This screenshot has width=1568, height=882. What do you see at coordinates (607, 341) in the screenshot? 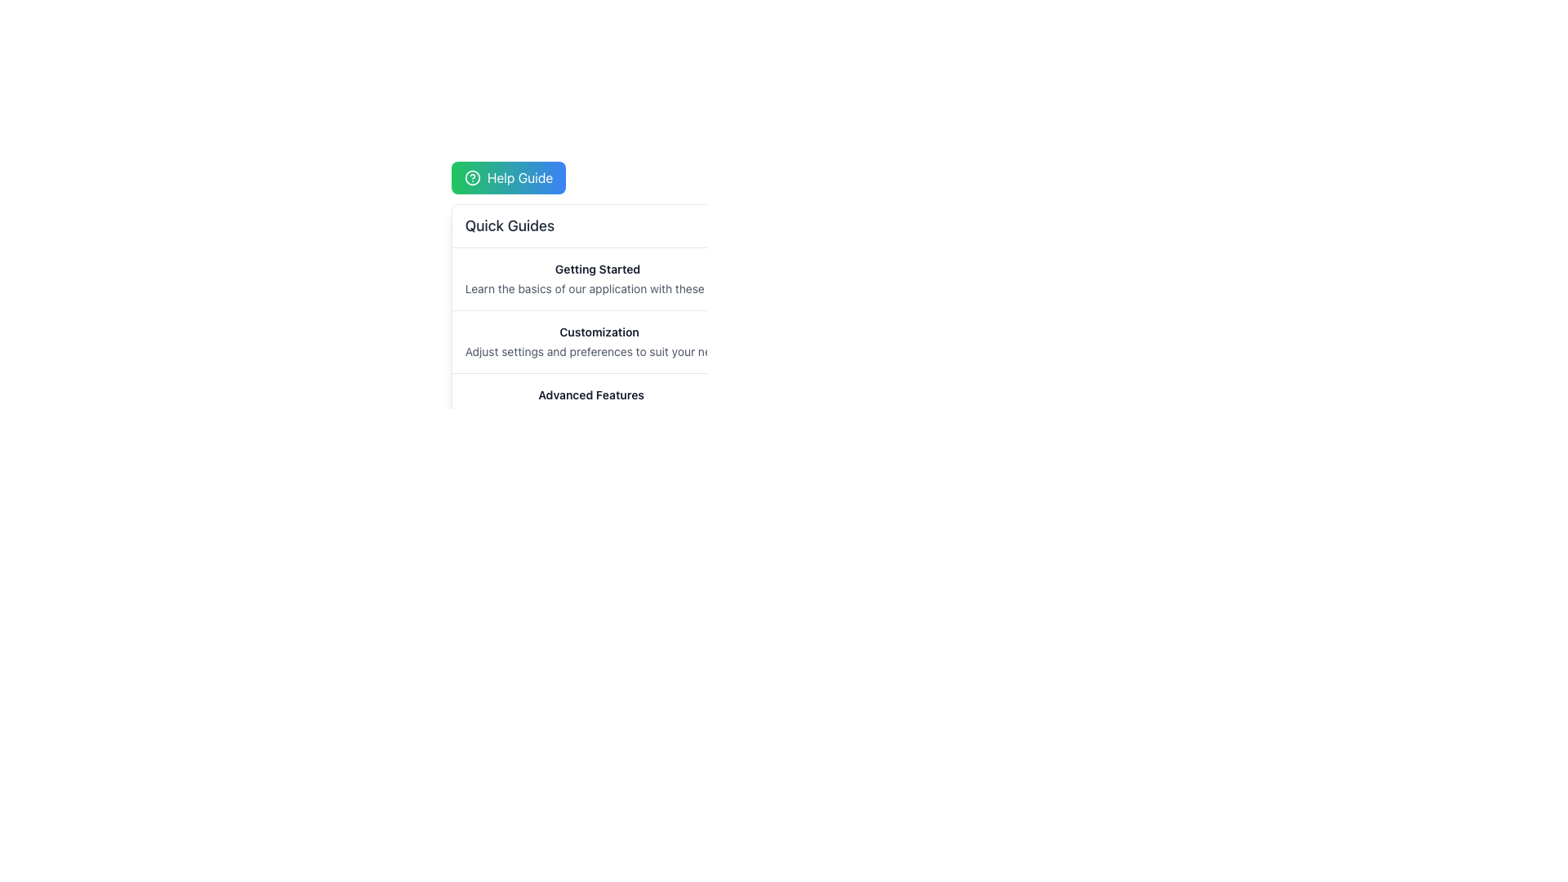
I see `associated icon of the Text Block with Supplementary Icon, which serves as a link to the 'Customization' settings page, located under the 'Quick Guides' heading` at bounding box center [607, 341].